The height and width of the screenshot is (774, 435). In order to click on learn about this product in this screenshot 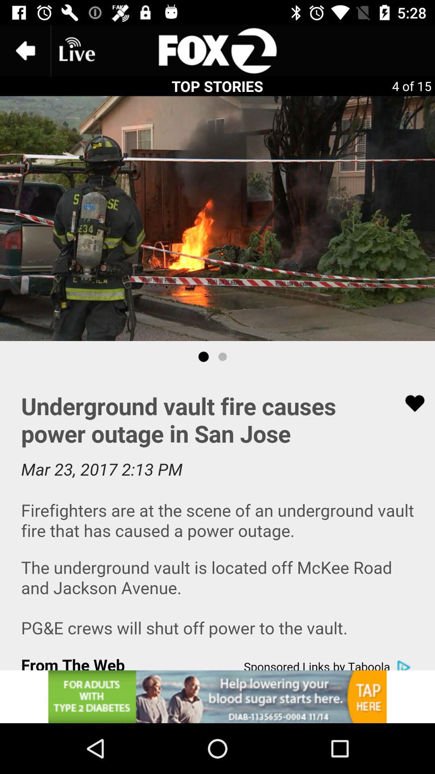, I will do `click(217, 696)`.